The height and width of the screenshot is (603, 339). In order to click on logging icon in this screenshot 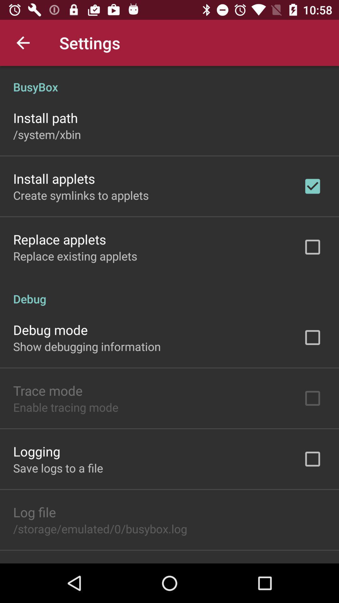, I will do `click(36, 451)`.